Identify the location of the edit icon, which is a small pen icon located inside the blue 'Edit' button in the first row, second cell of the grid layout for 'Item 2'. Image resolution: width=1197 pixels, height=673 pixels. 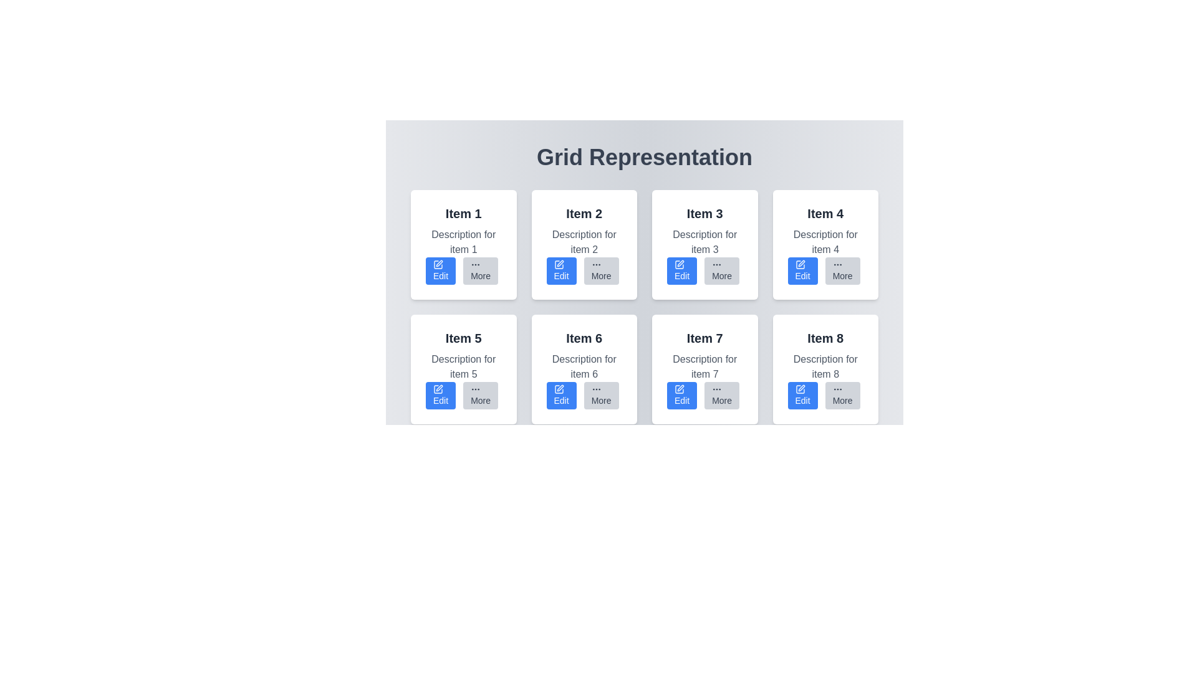
(559, 263).